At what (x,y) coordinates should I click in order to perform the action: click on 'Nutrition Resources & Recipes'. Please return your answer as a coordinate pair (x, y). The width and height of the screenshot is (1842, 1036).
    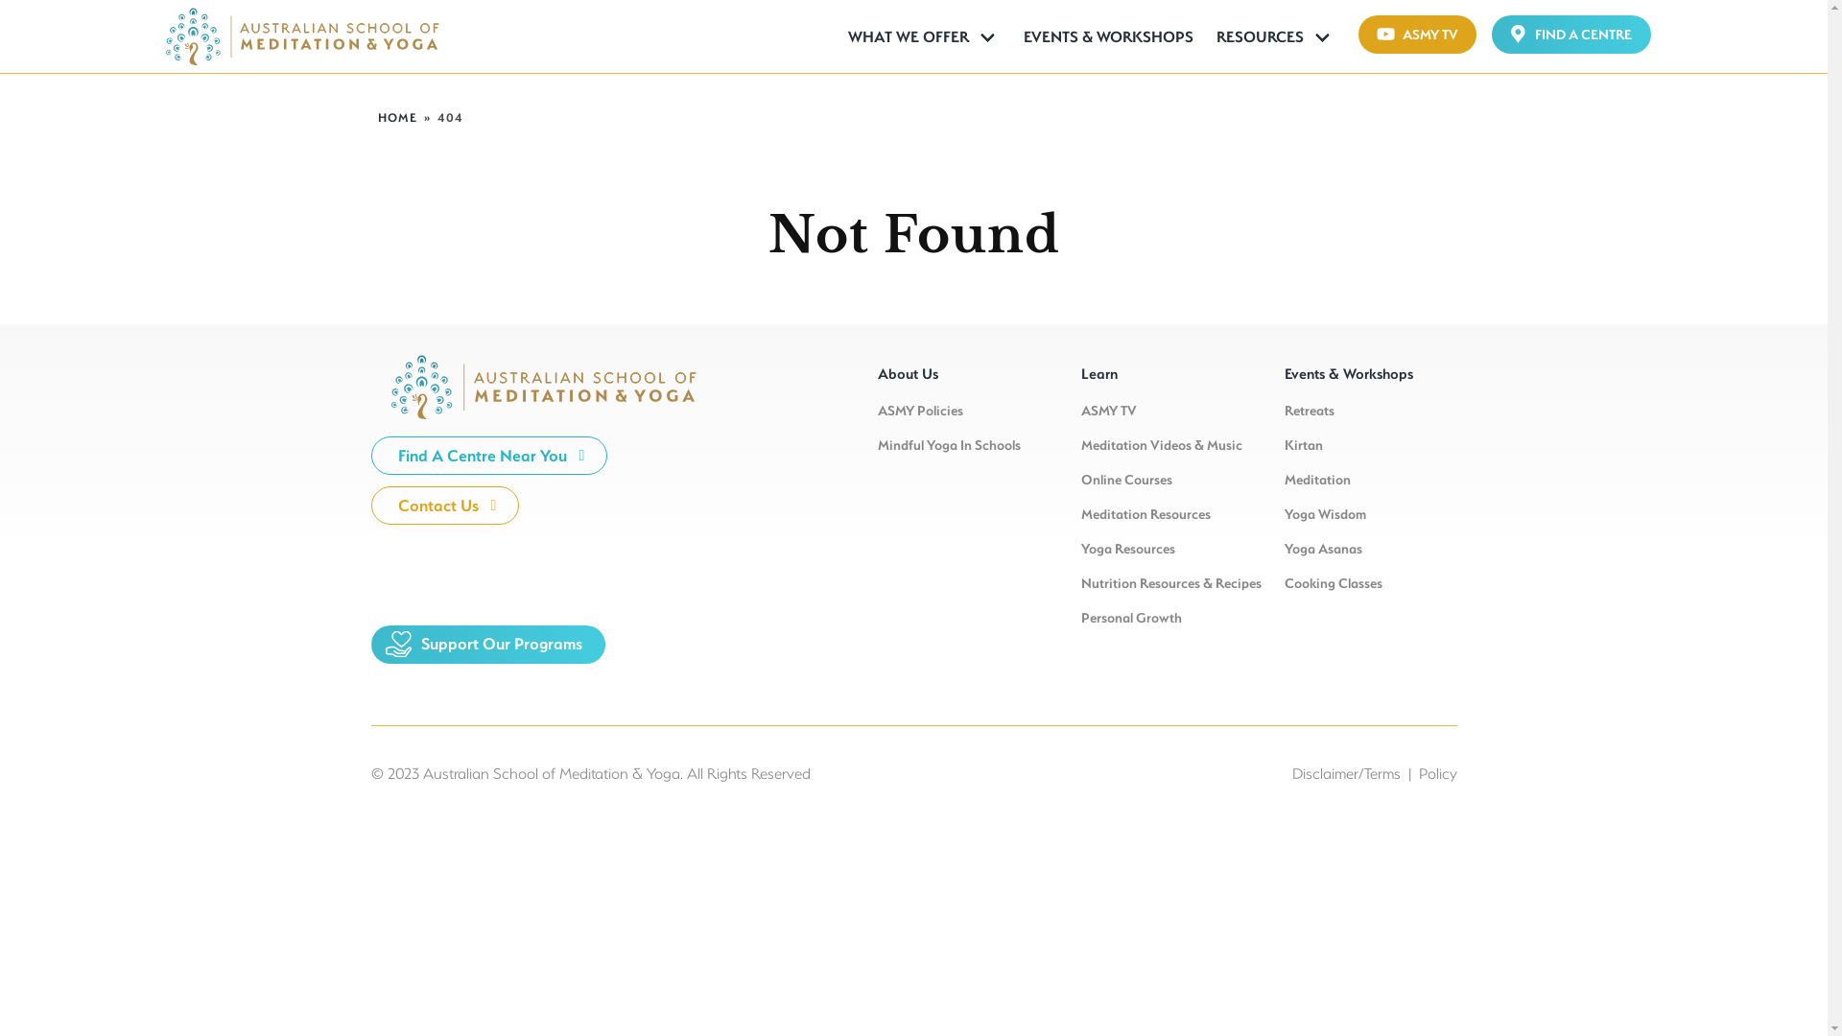
    Looking at the image, I should click on (1169, 582).